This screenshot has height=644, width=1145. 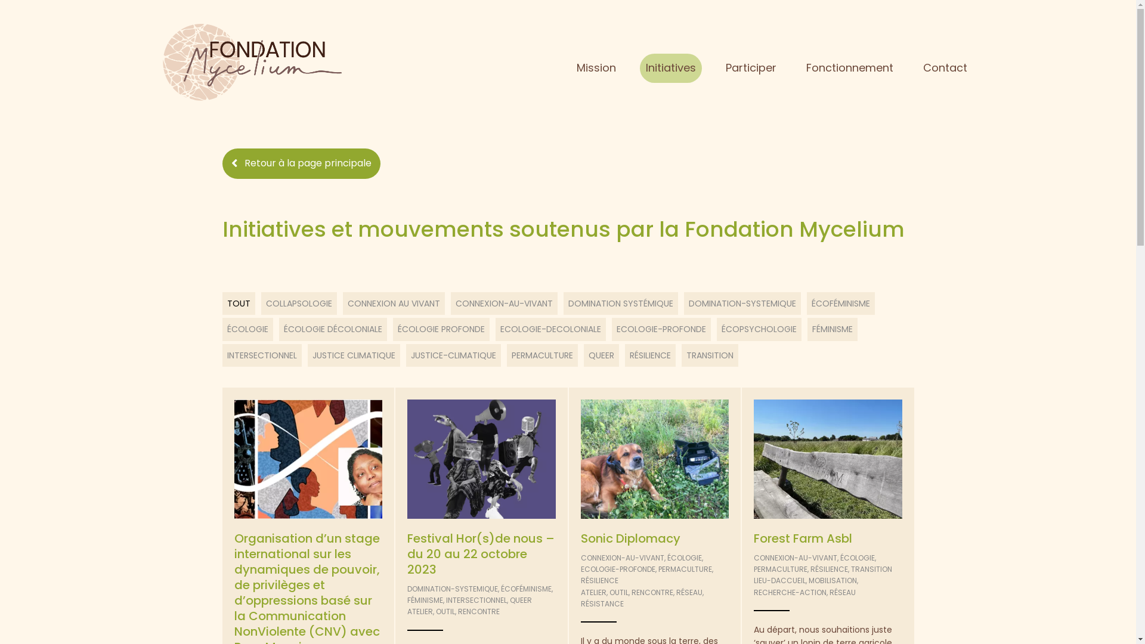 I want to click on 'CONNEXION-AU-VIVANT', so click(x=753, y=558).